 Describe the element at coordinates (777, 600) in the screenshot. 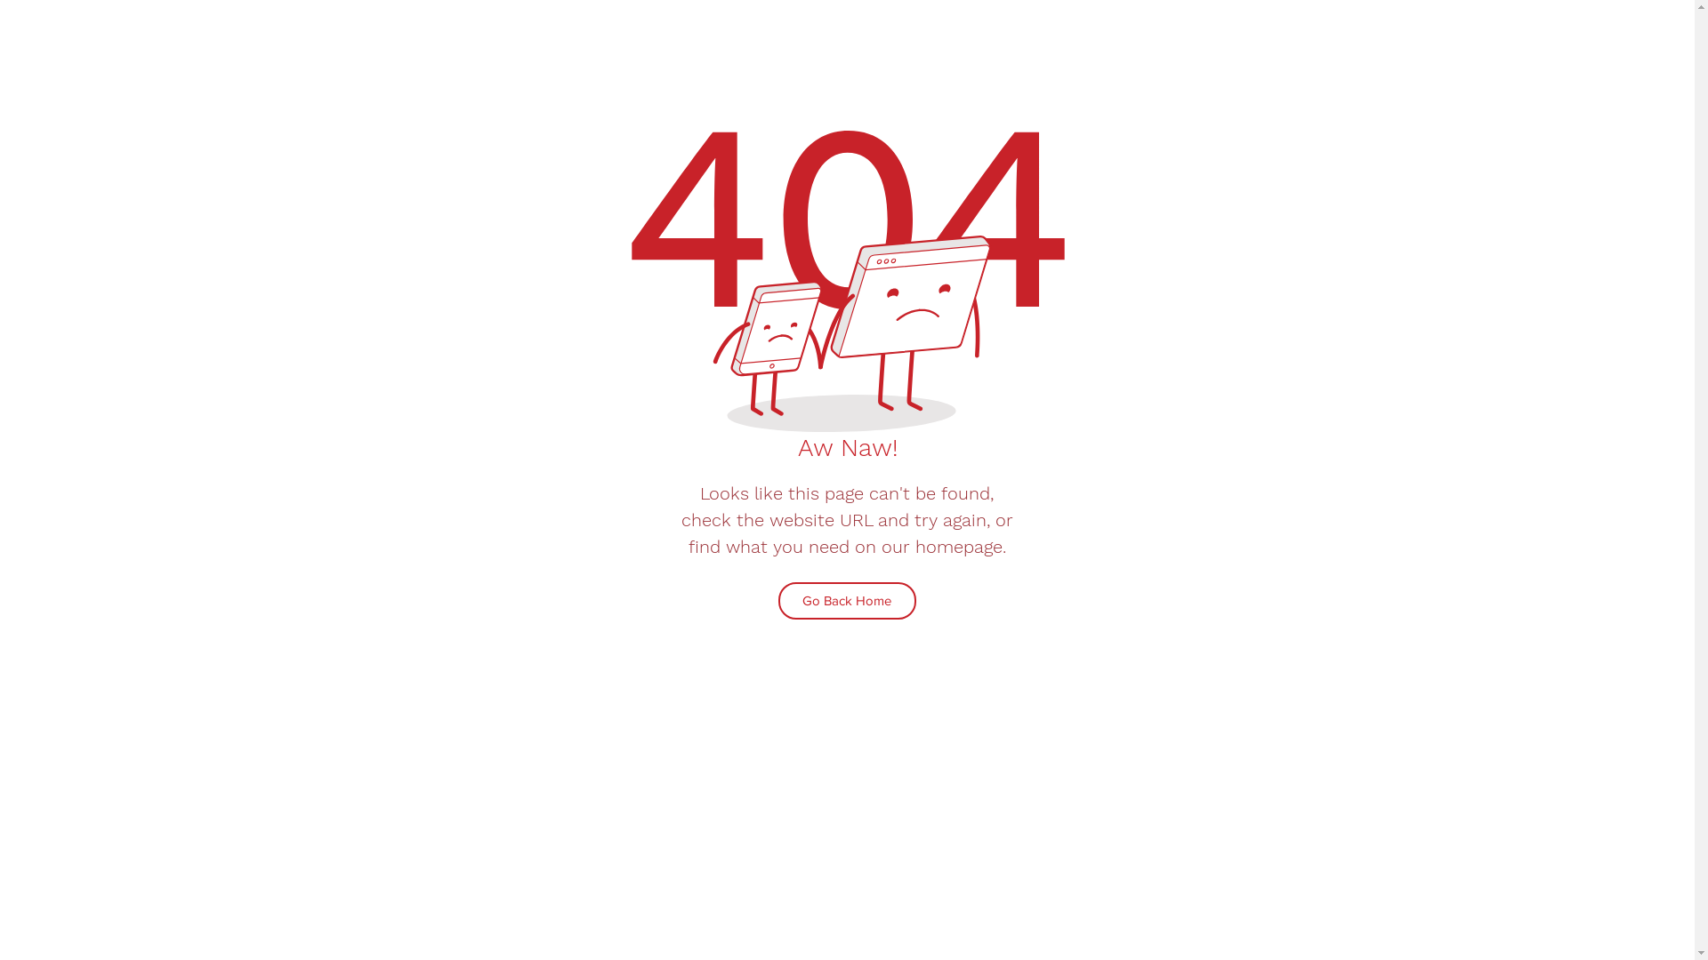

I see `'Go Back Home'` at that location.